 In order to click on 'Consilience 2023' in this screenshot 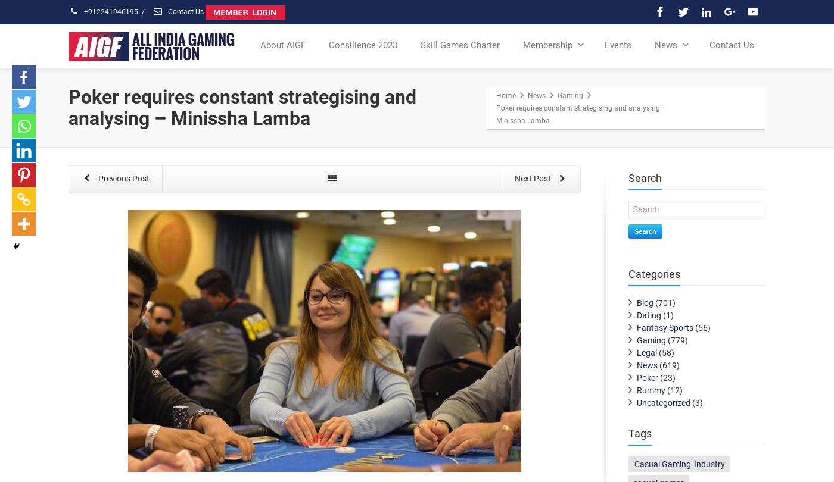, I will do `click(363, 45)`.